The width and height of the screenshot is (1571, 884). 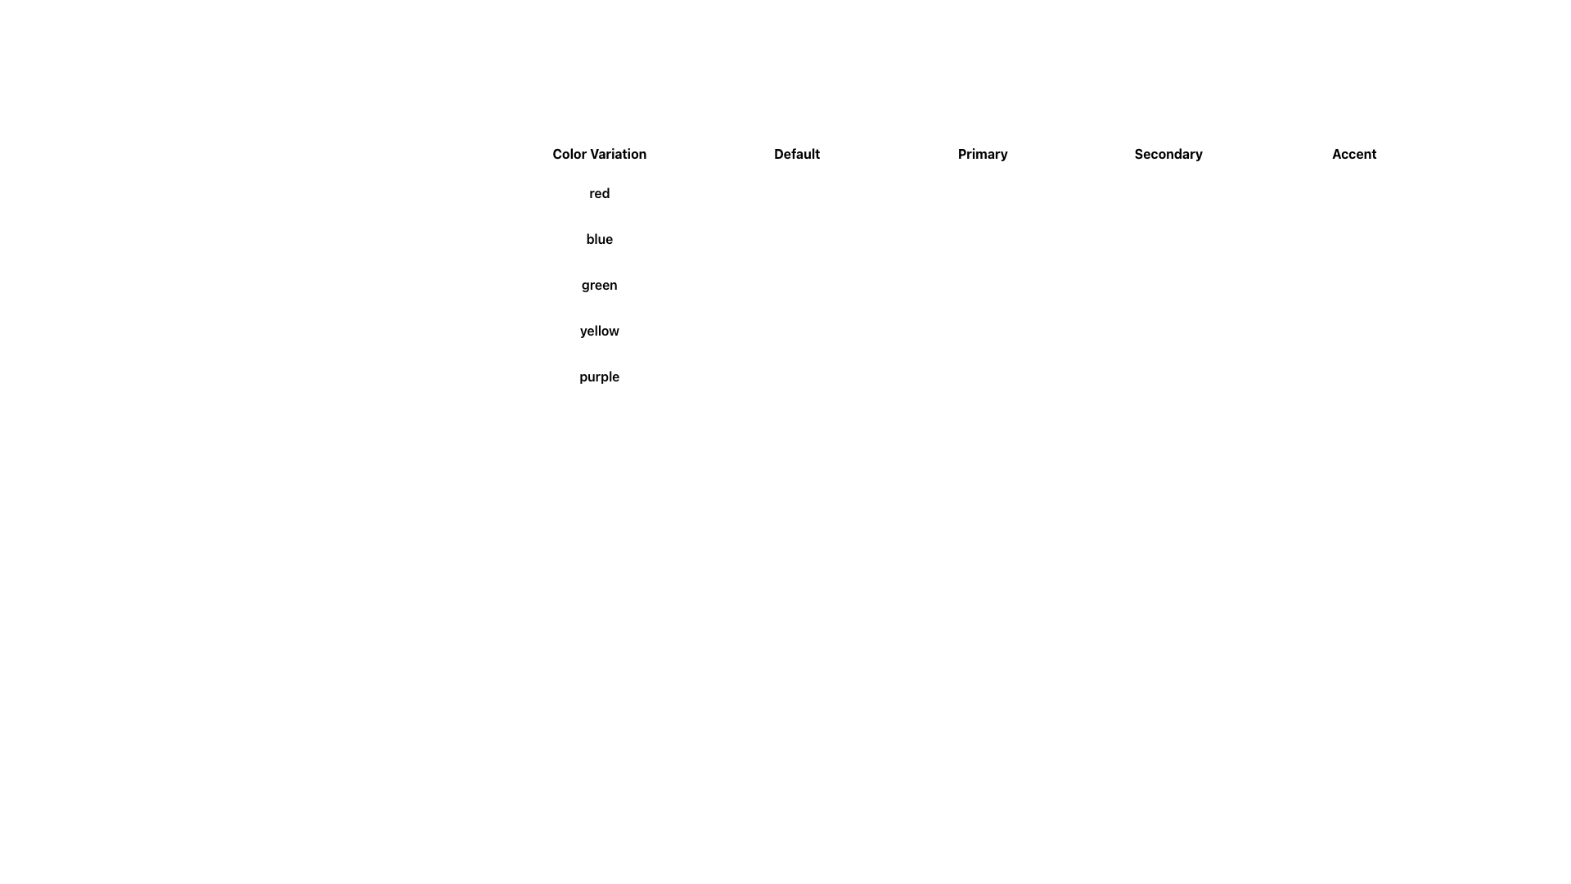 What do you see at coordinates (982, 239) in the screenshot?
I see `the button indicating a selection related to the color blue, which is the third item in a horizontal group located in the center-right section of the layout` at bounding box center [982, 239].